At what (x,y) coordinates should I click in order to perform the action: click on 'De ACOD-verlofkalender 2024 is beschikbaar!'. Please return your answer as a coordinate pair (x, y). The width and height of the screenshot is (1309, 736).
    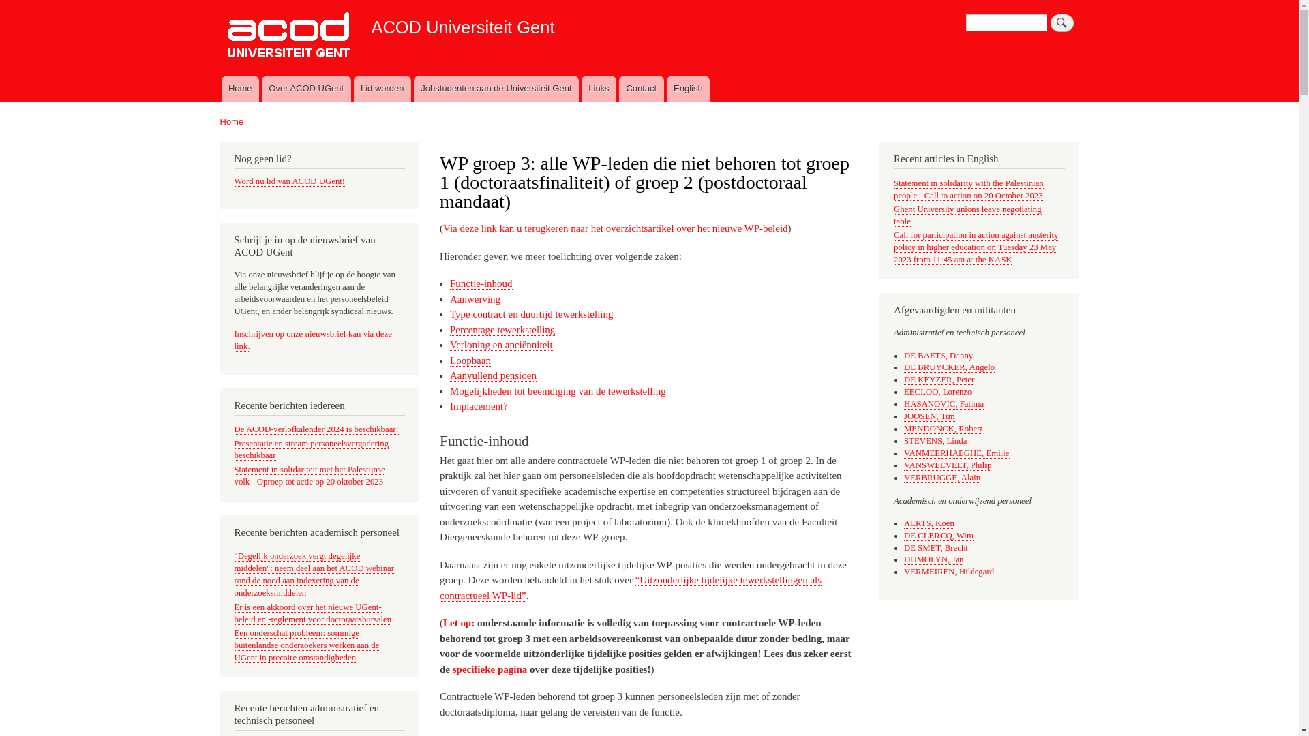
    Looking at the image, I should click on (316, 429).